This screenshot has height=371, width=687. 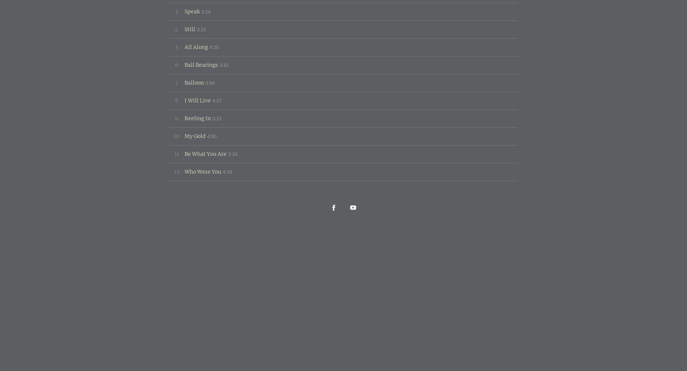 What do you see at coordinates (227, 171) in the screenshot?
I see `'4:18'` at bounding box center [227, 171].